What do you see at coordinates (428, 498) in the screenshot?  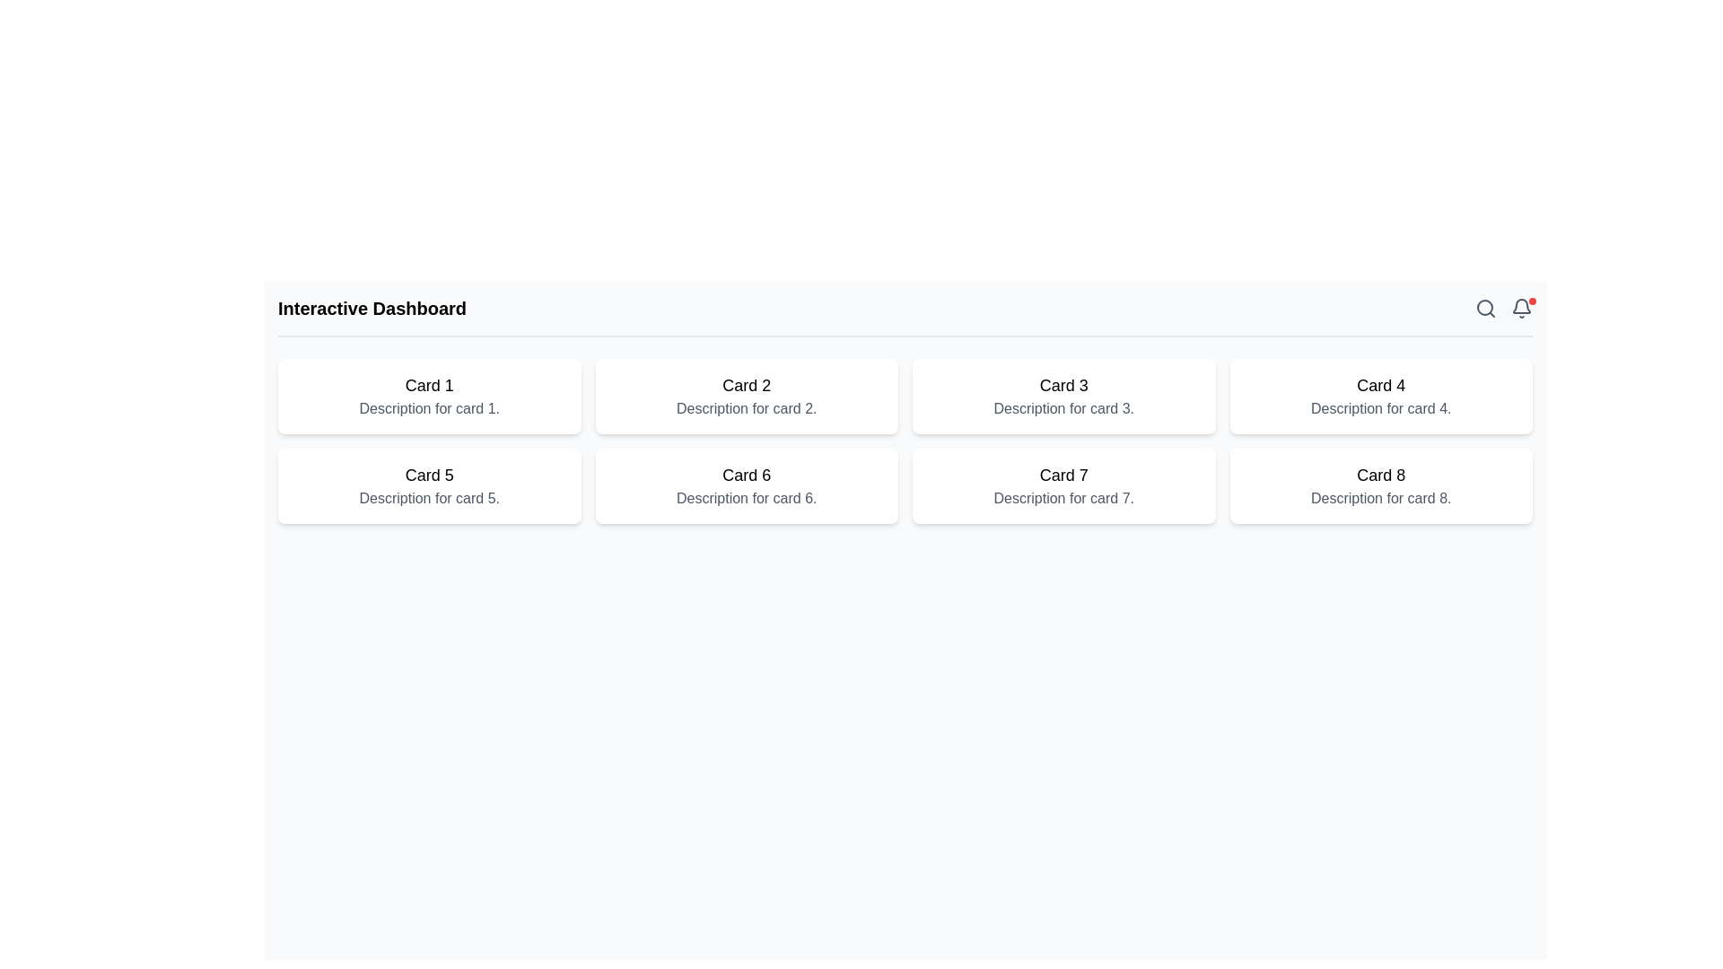 I see `supplementary text element displaying 'Description for card 5.' located beneath the main title 'Card 5' in the second row and first column of the card grid` at bounding box center [428, 498].